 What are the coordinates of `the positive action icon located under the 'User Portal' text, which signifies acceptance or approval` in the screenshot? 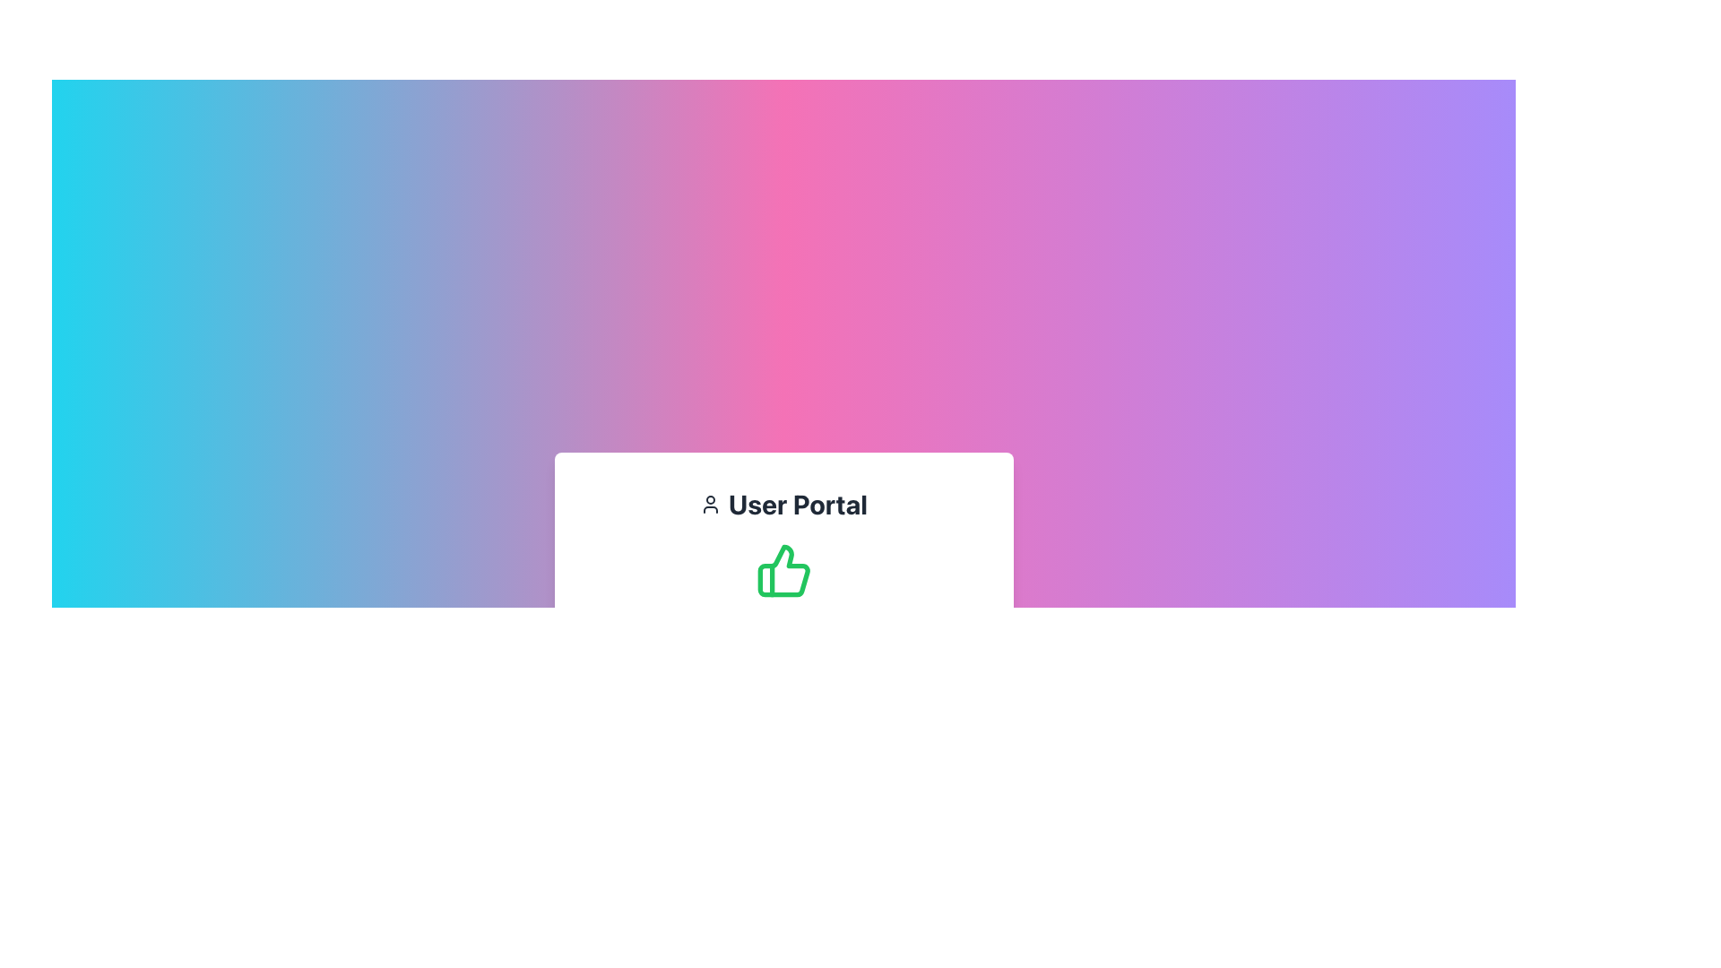 It's located at (783, 570).